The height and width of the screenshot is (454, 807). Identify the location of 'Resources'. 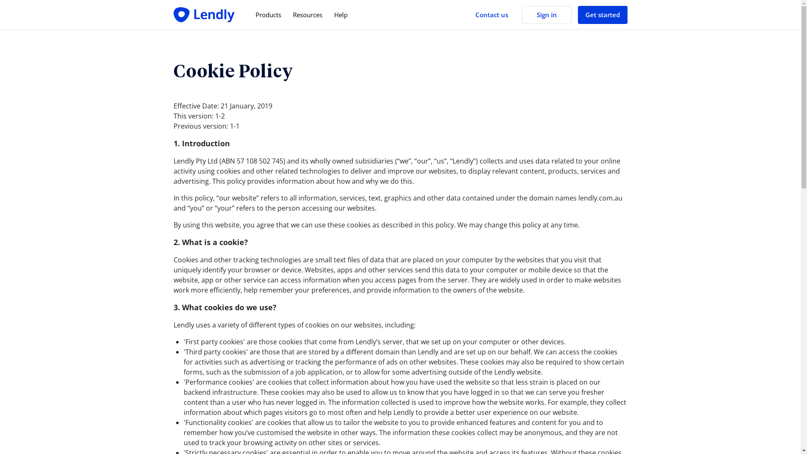
(306, 15).